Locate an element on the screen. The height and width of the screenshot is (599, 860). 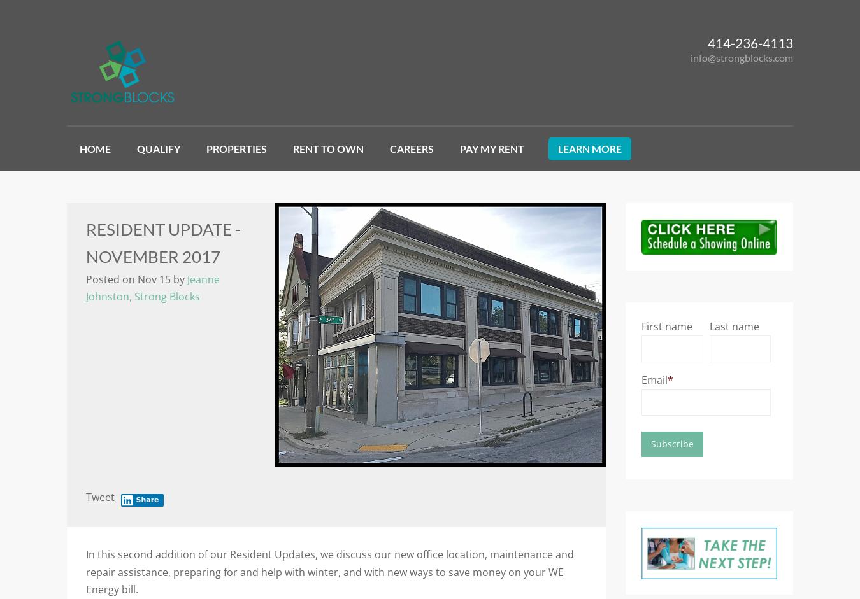
'*' is located at coordinates (670, 379).